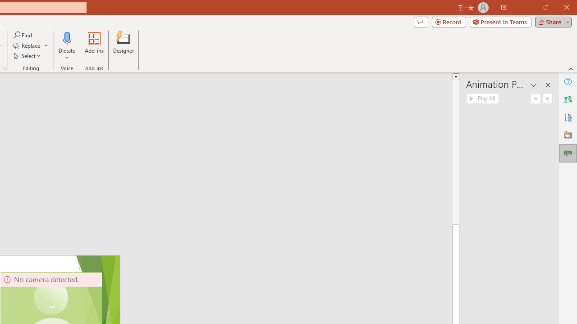  Describe the element at coordinates (27, 45) in the screenshot. I see `'Replace...'` at that location.